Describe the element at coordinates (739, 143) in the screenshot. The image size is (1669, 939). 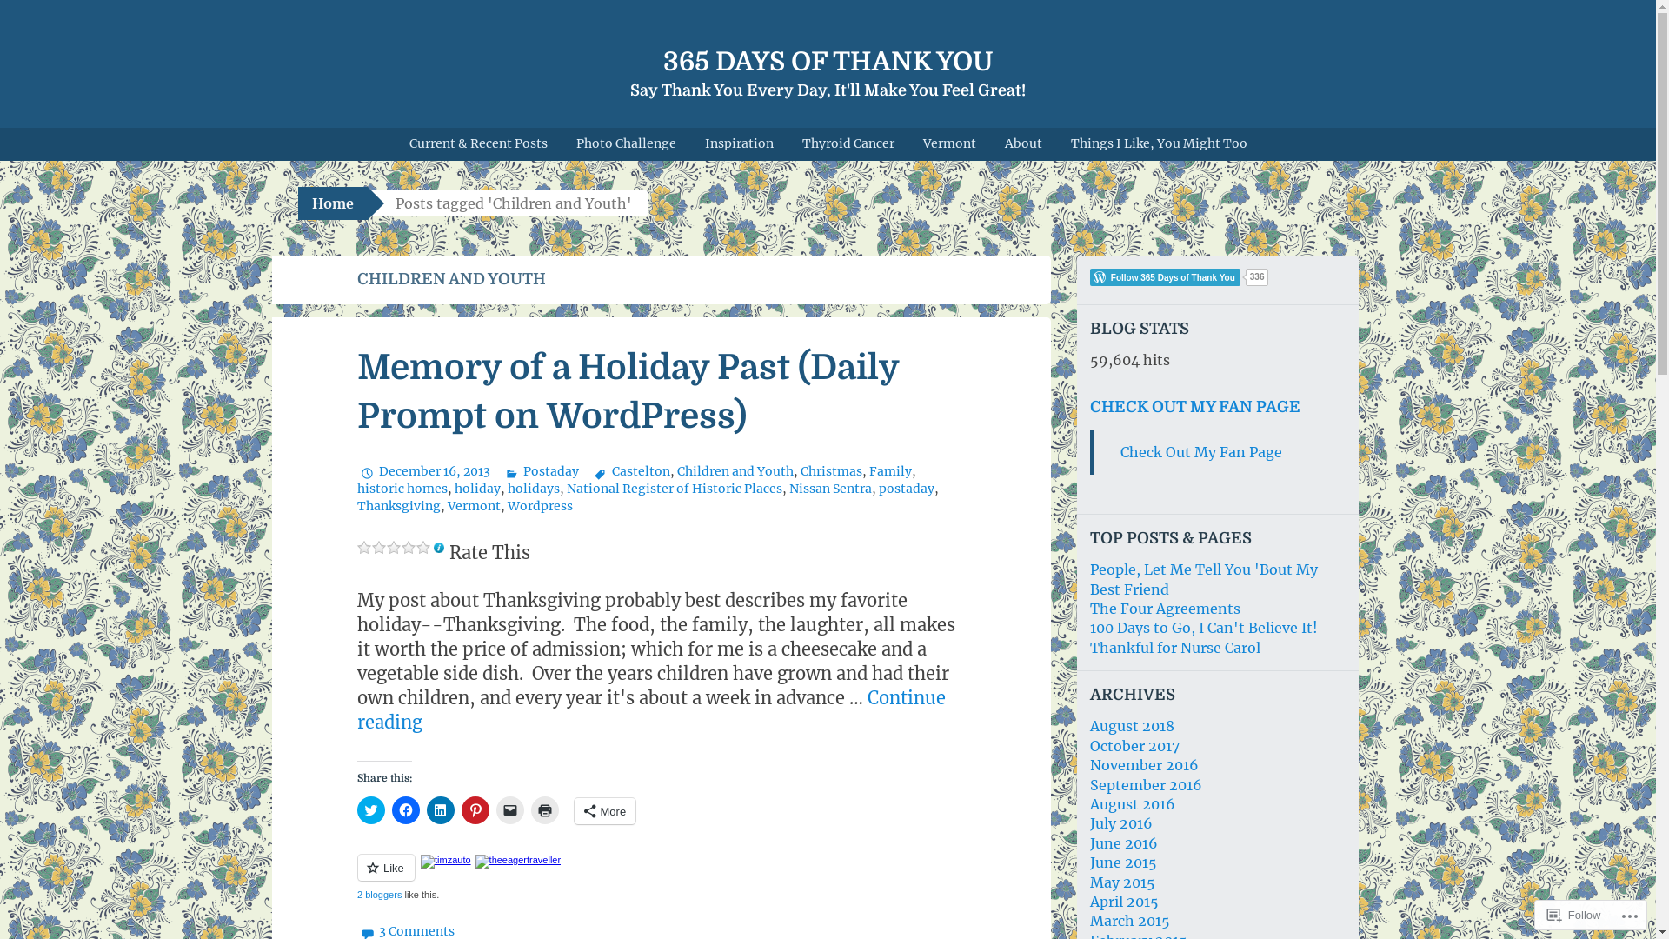
I see `'Inspiration'` at that location.